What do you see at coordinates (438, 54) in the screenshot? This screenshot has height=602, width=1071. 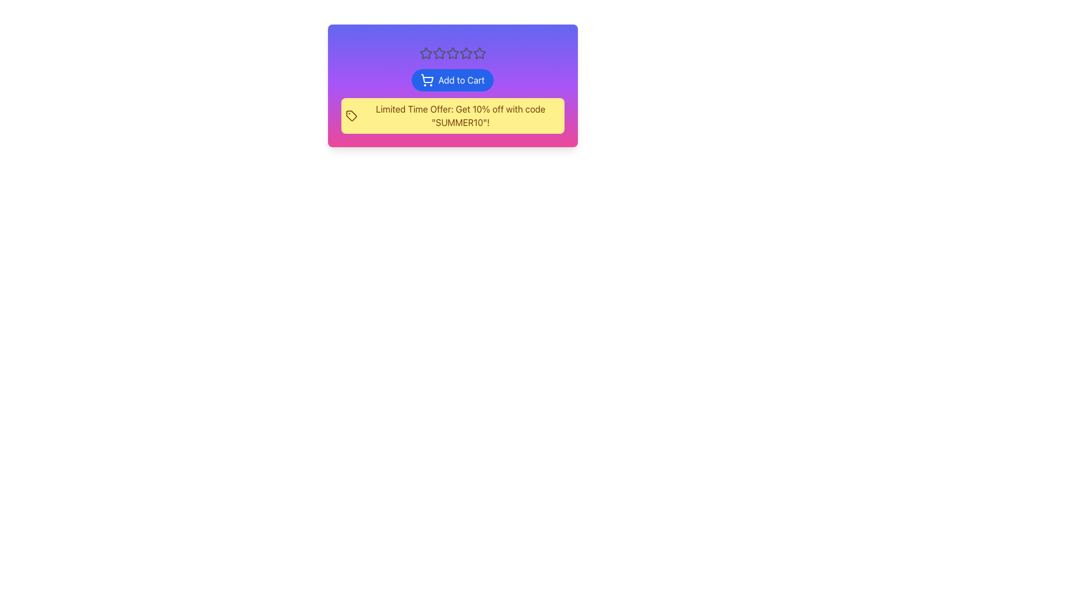 I see `the third star icon in the horizontal sequence of five stars` at bounding box center [438, 54].